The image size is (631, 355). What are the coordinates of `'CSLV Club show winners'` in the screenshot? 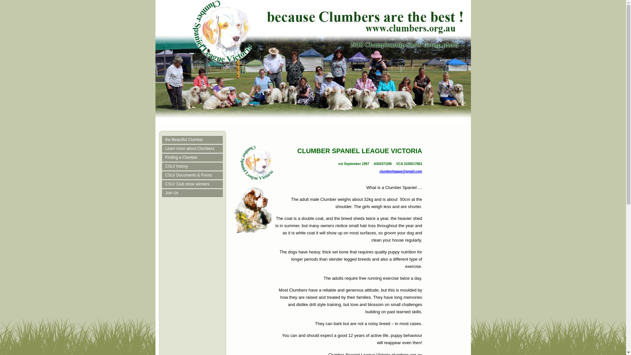 It's located at (193, 184).